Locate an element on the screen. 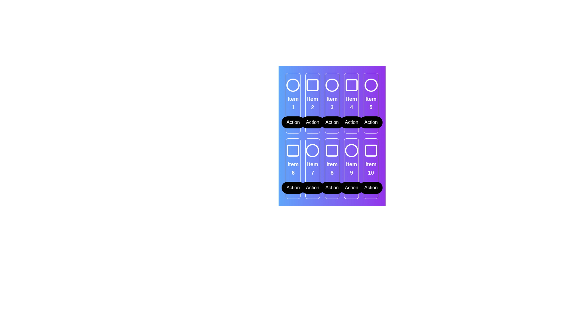  the rounded rectangular button with a black background and white text reading 'Action', located below the label 'Item 1' is located at coordinates (293, 122).